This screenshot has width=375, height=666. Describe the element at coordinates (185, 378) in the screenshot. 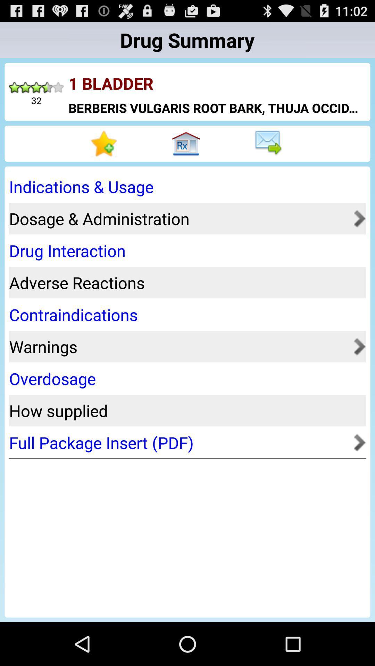

I see `the overdosage item` at that location.